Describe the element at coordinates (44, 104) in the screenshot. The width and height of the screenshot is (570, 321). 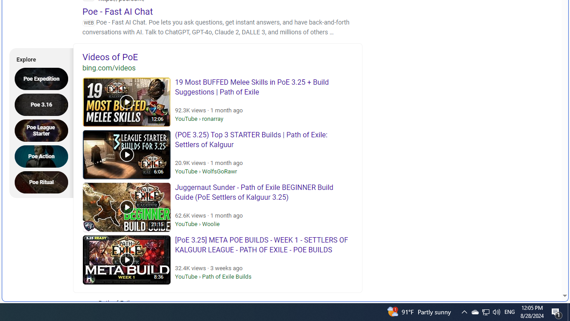
I see `'Poe 3.16'` at that location.